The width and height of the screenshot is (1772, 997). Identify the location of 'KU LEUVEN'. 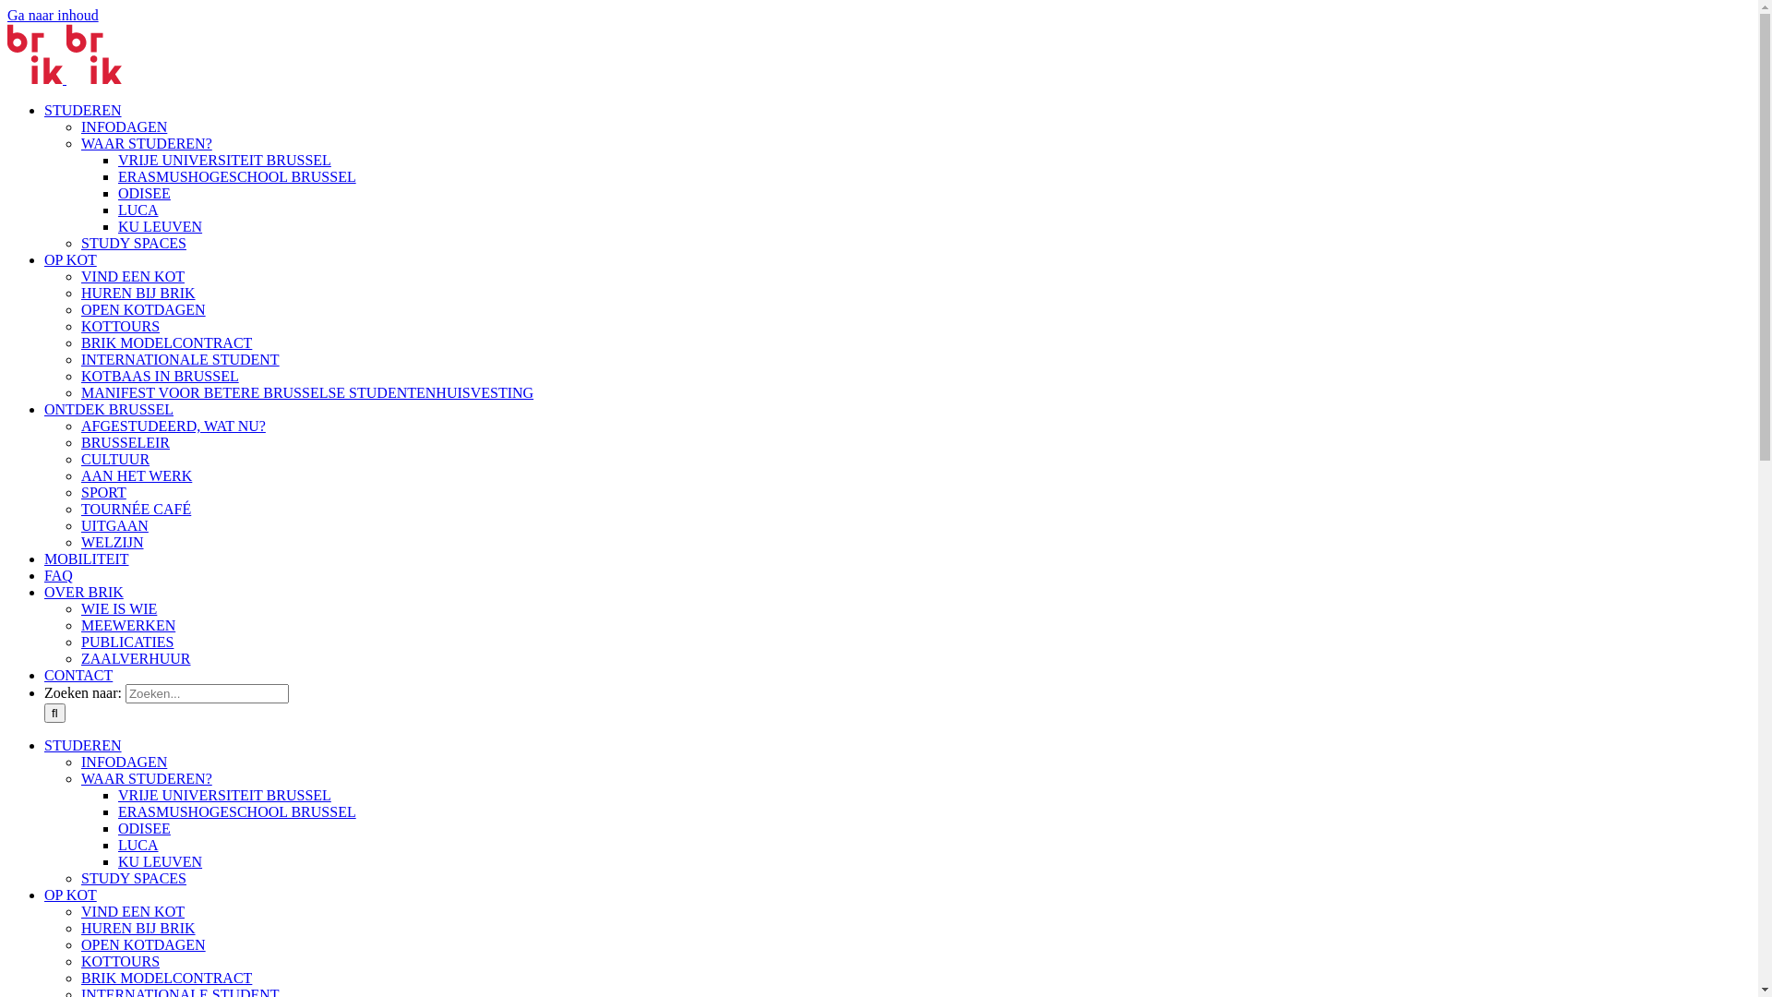
(160, 861).